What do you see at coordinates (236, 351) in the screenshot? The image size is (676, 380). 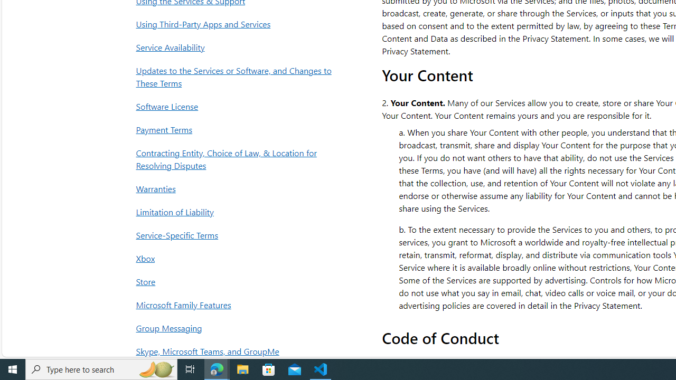 I see `'Skype, Microsoft Teams, and GroupMe'` at bounding box center [236, 351].